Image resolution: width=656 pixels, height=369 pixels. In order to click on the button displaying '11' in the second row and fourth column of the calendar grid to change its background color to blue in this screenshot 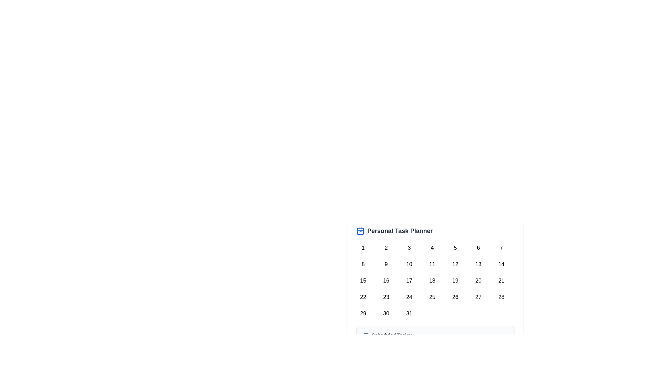, I will do `click(432, 264)`.